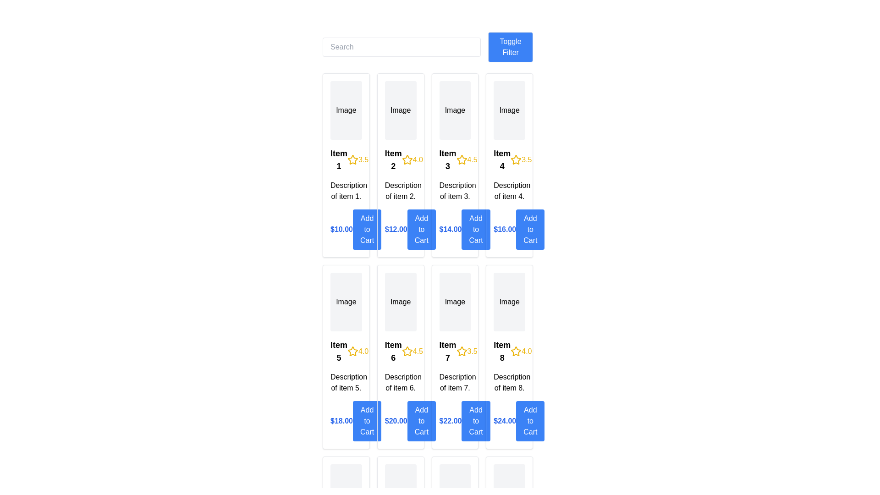 This screenshot has height=495, width=880. Describe the element at coordinates (407, 351) in the screenshot. I see `fourth star icon in the rating section of 'Item 6', which is outlined in yellow with no fill` at that location.